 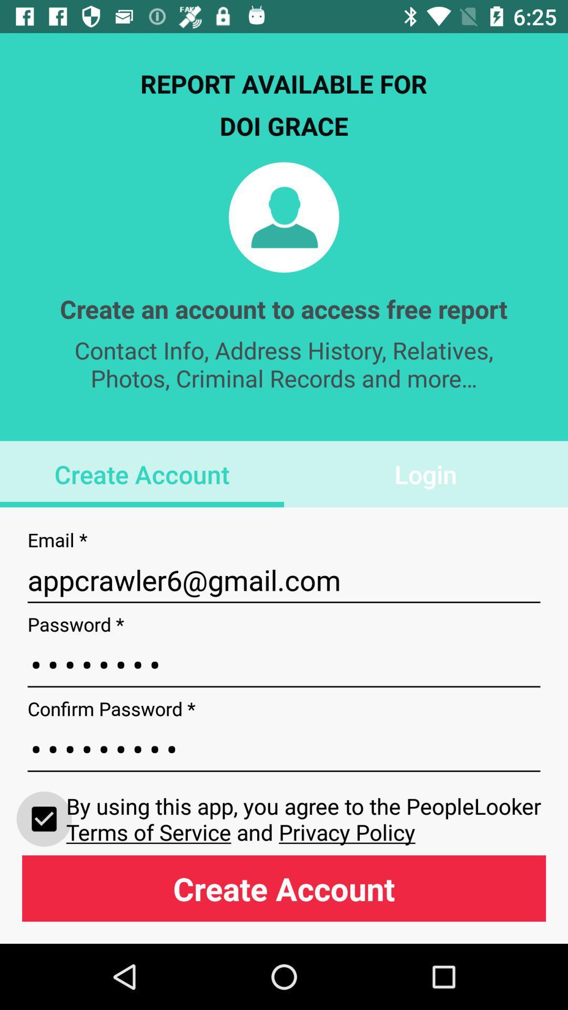 What do you see at coordinates (284, 580) in the screenshot?
I see `the appcrawler6@gmail.com` at bounding box center [284, 580].